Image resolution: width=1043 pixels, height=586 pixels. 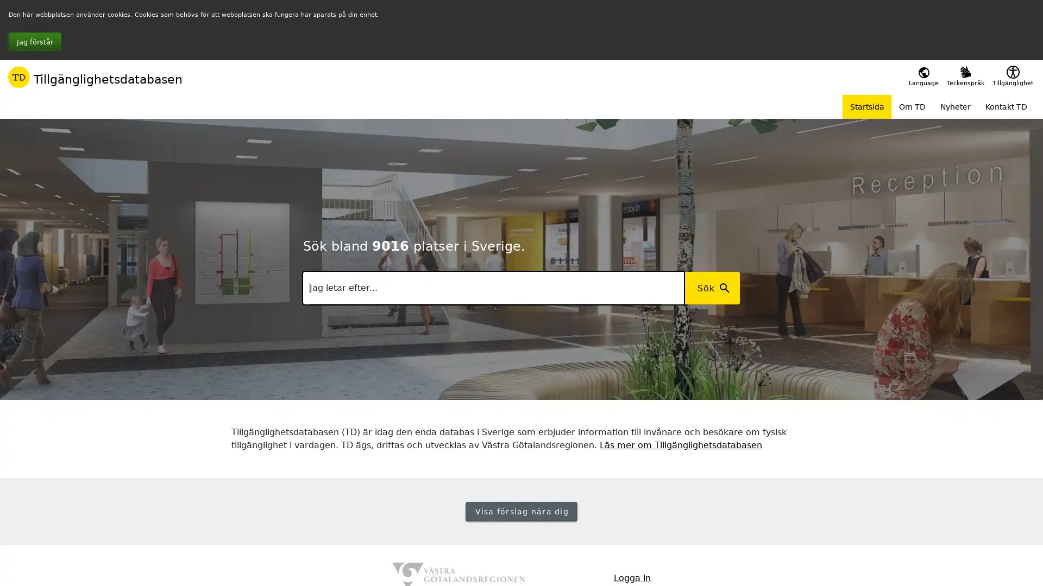 I want to click on Jag forstar, so click(x=35, y=41).